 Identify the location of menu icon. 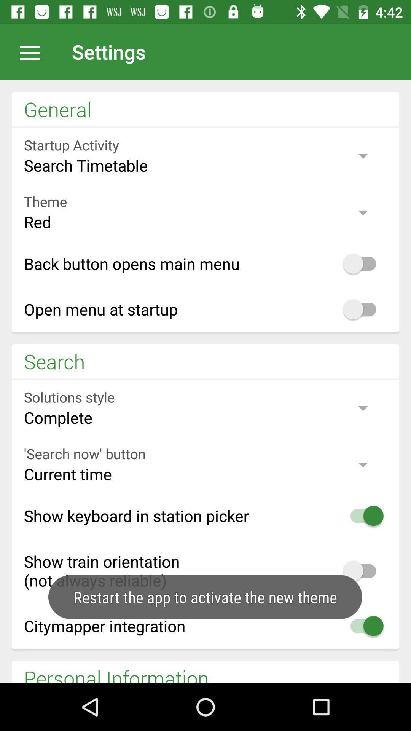
(33, 51).